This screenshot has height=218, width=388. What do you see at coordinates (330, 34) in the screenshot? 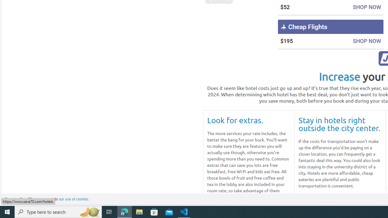
I see `'Cheap Flights $195 SHOP NOW'` at bounding box center [330, 34].